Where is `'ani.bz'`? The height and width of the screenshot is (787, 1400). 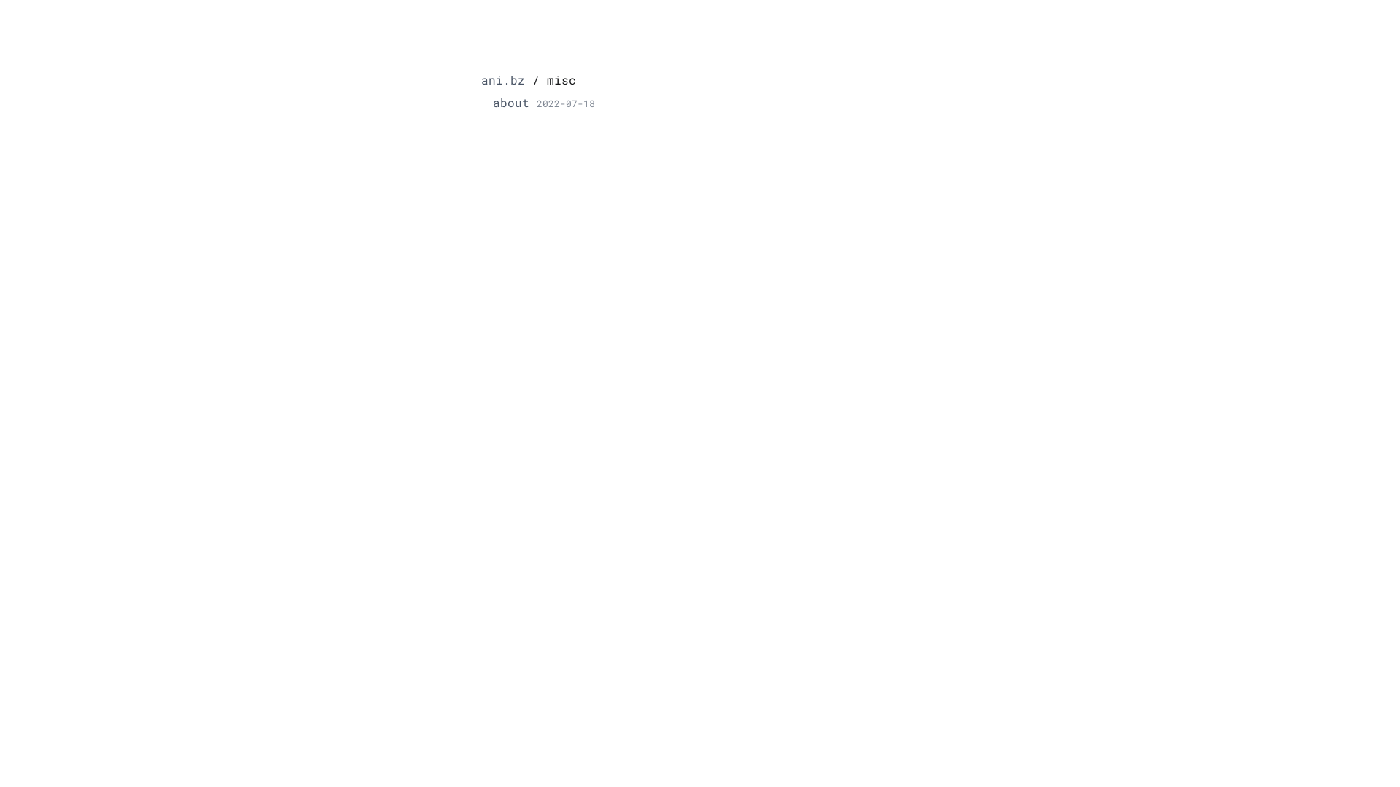
'ani.bz' is located at coordinates (503, 80).